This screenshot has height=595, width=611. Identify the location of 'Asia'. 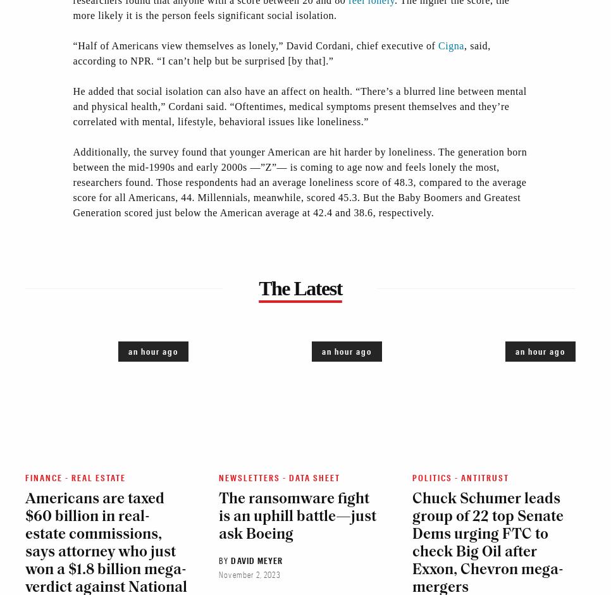
(304, 179).